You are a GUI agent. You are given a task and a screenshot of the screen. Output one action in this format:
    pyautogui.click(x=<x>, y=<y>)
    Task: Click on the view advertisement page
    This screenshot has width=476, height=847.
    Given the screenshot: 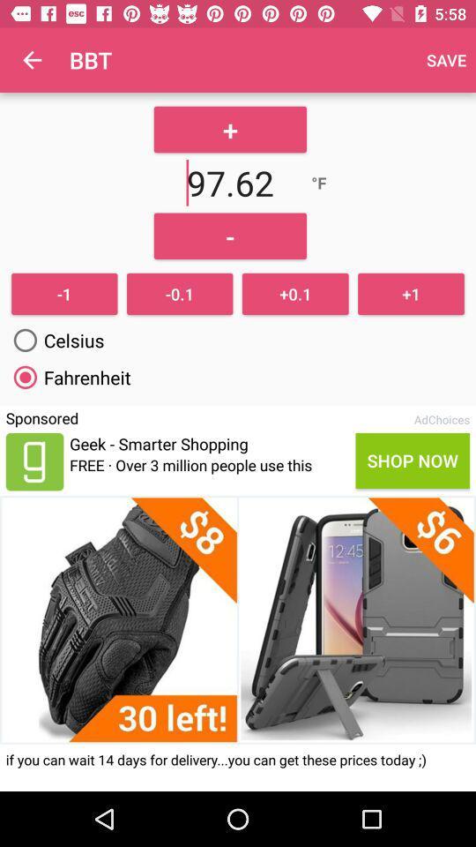 What is the action you would take?
    pyautogui.click(x=238, y=619)
    